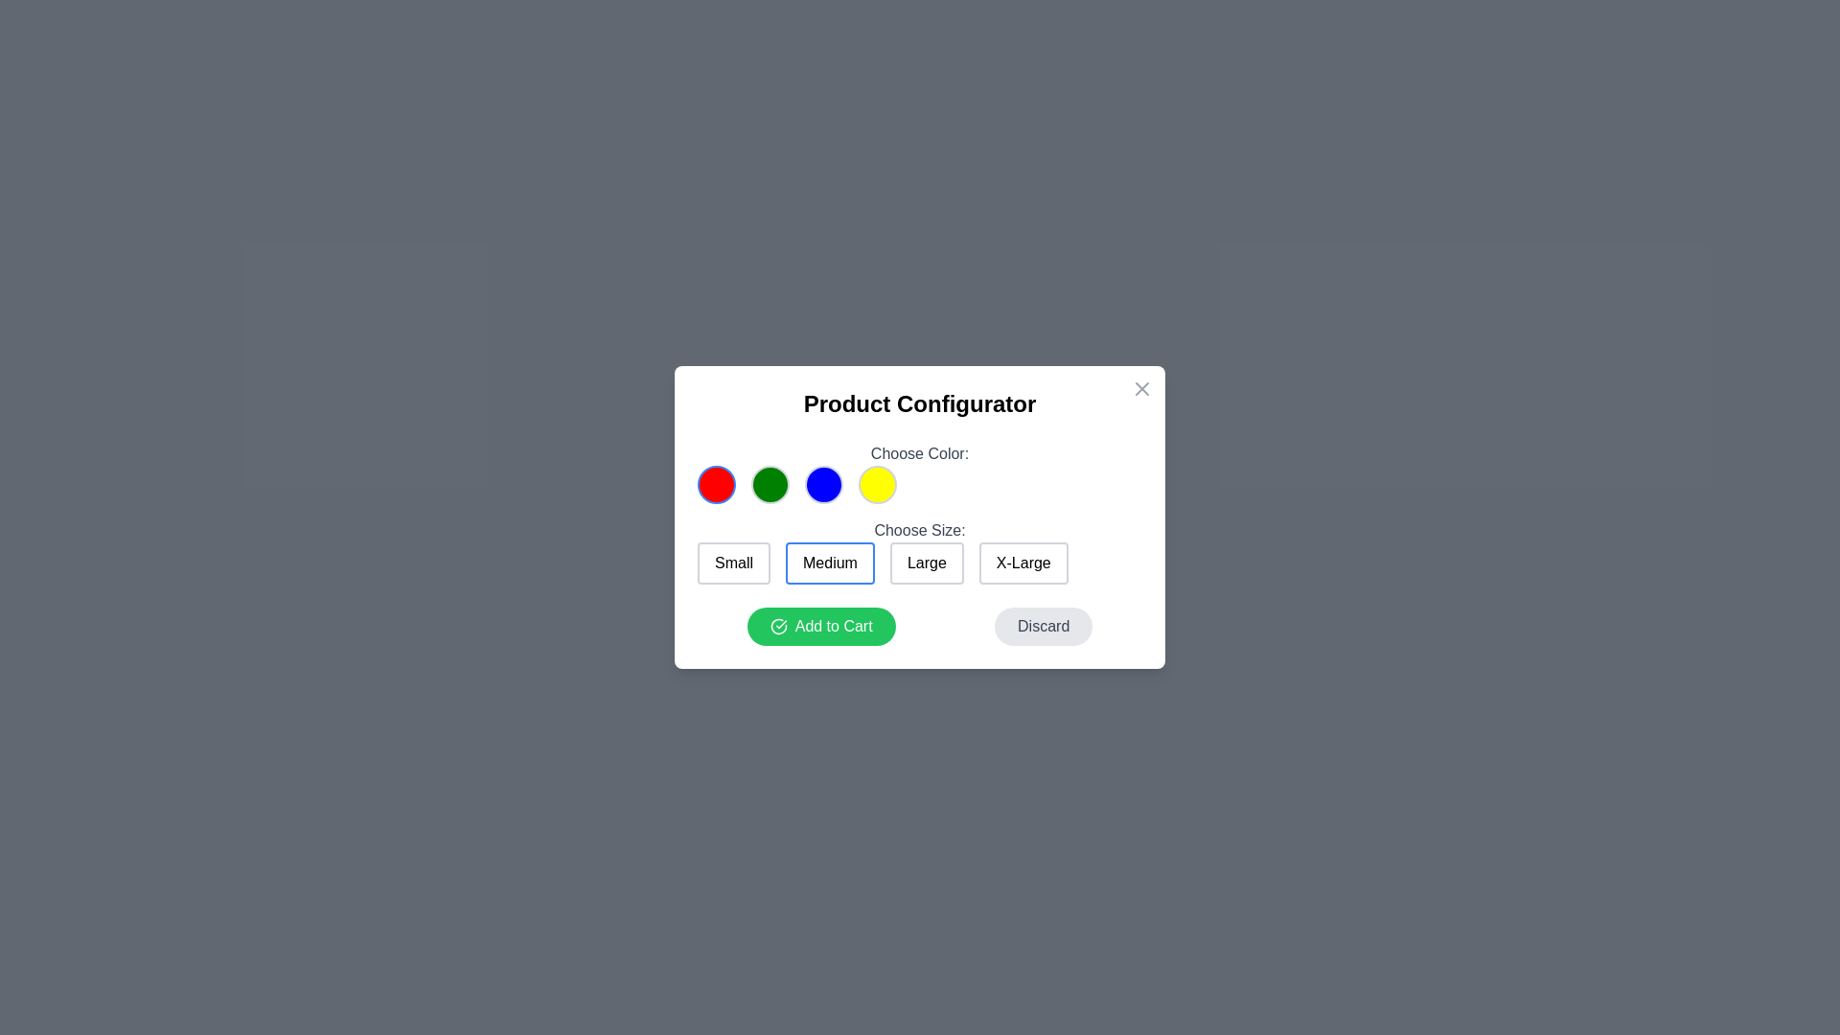 The image size is (1840, 1035). I want to click on the 'X-Large' button, which is a rectangular button with a light gray background and dark borders, located in the size selection area of the modal, so click(1023, 562).